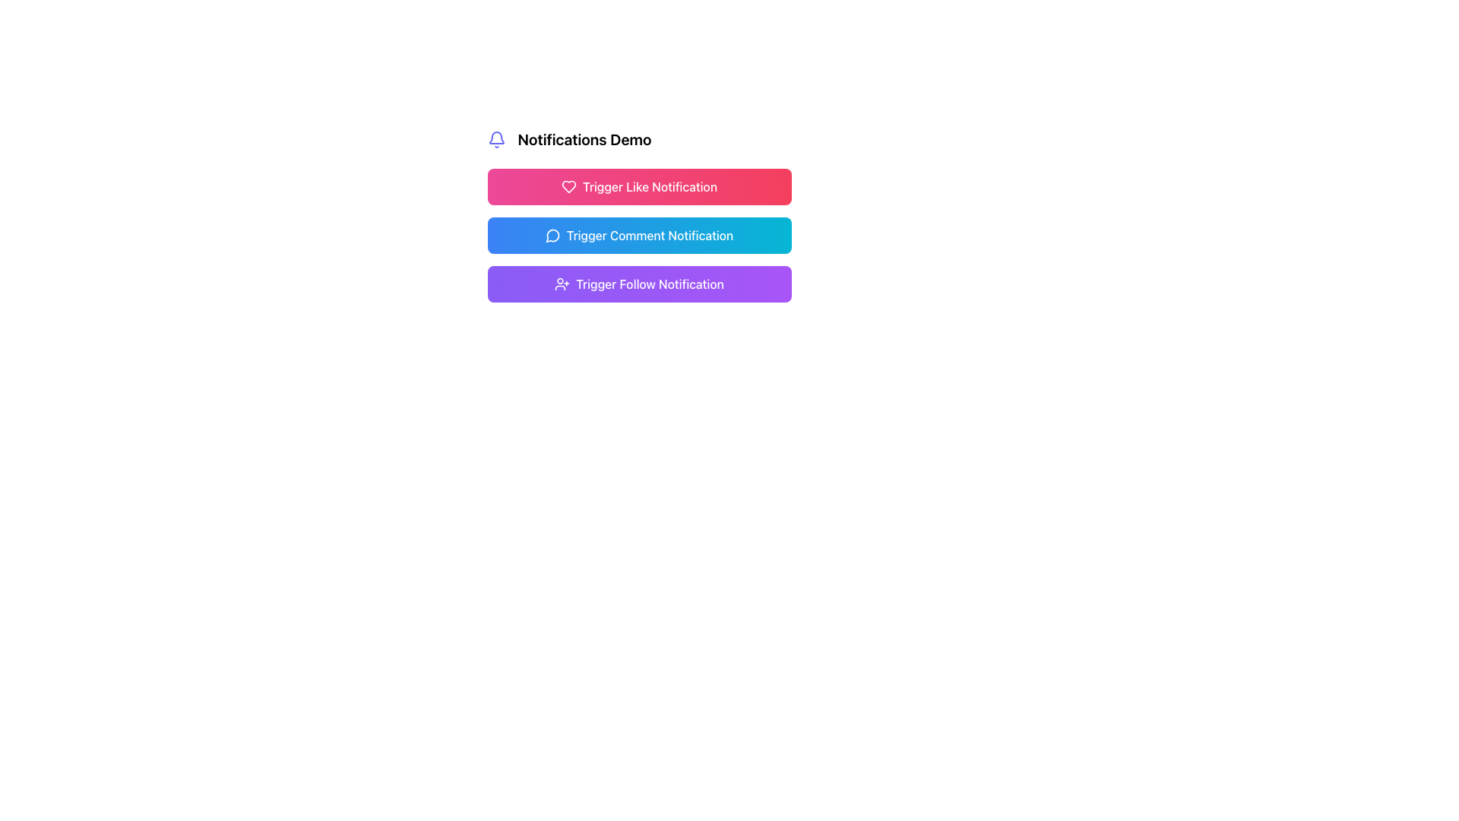  Describe the element at coordinates (650, 235) in the screenshot. I see `text contained in the button that triggers a comment notification, positioned between the 'Trigger Like Notification' and 'Trigger Follow Notification' buttons` at that location.